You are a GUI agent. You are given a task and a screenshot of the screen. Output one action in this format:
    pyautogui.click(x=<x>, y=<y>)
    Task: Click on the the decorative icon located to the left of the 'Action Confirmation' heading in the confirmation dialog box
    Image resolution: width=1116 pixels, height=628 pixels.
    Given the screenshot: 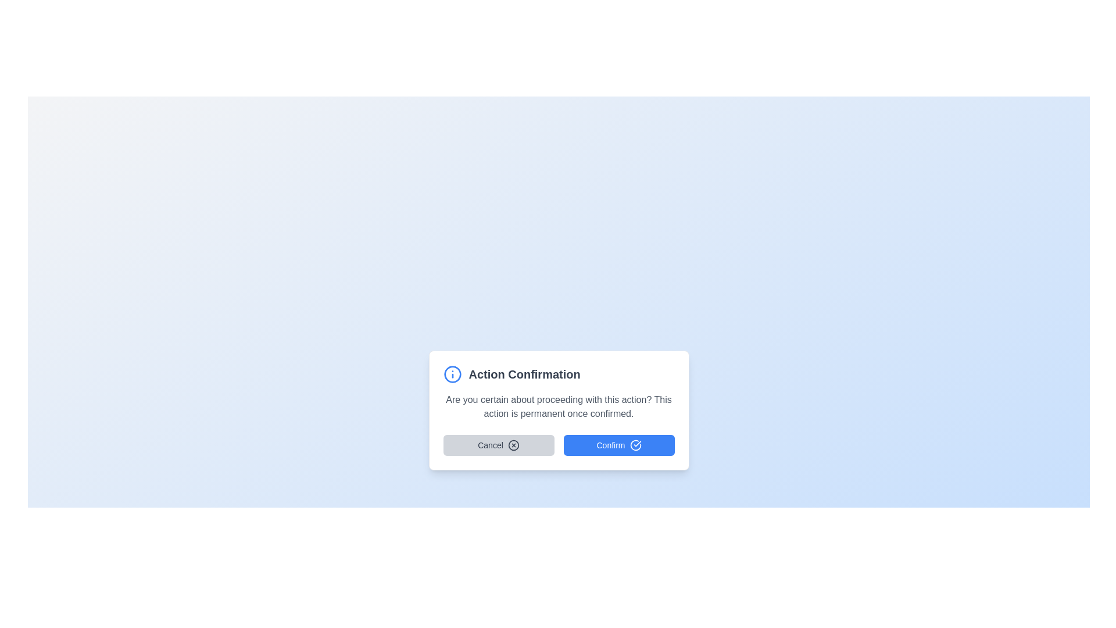 What is the action you would take?
    pyautogui.click(x=452, y=374)
    